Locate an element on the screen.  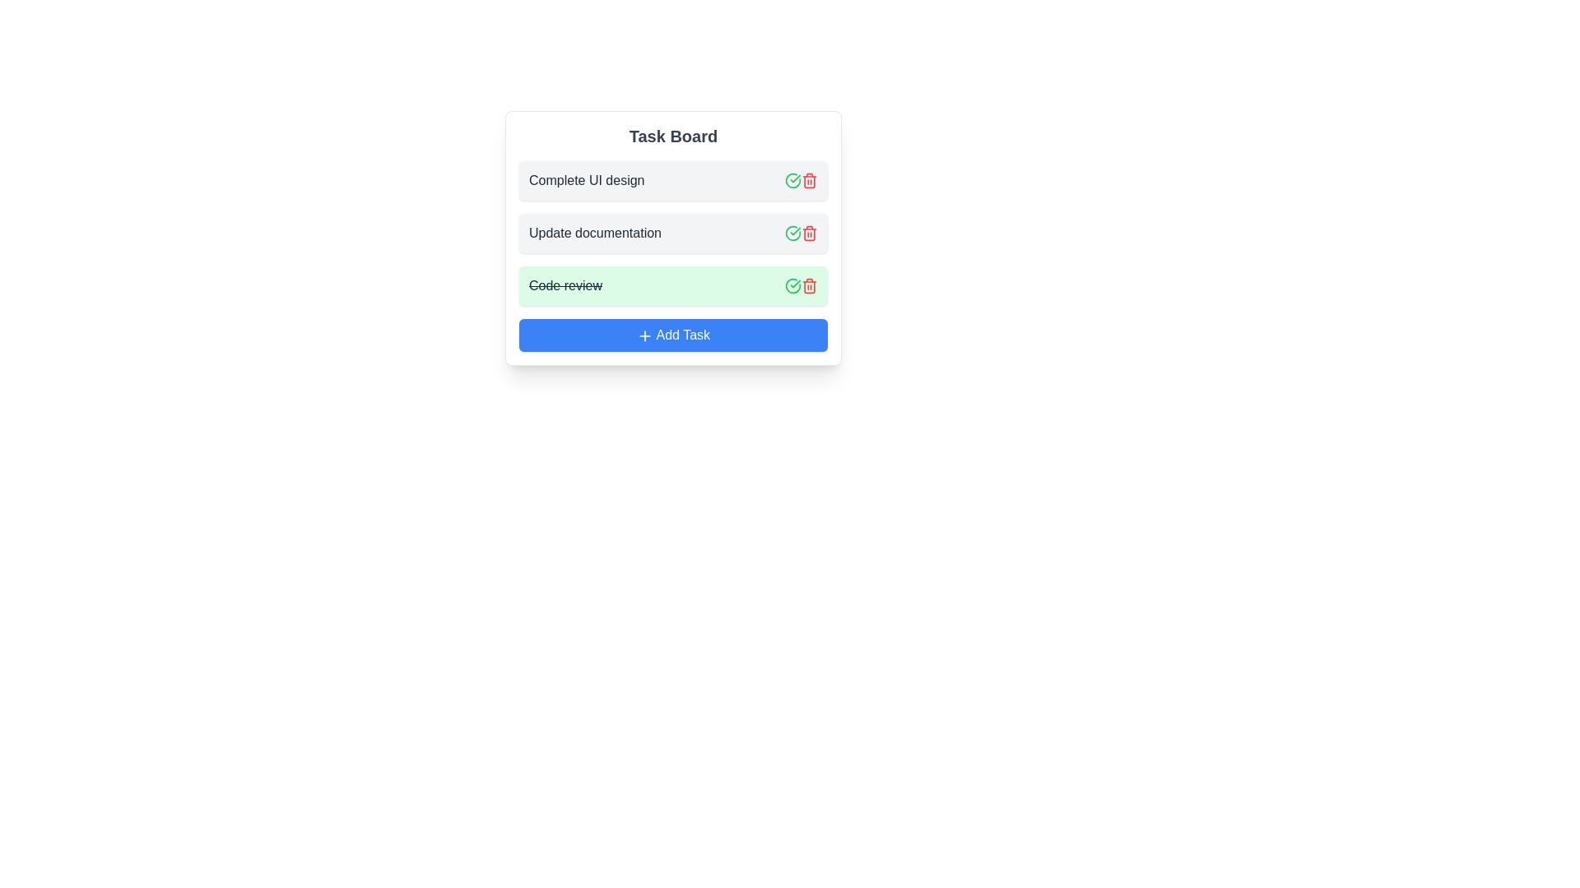
the central vertical red icon of the trash can located in the last row of the task list is located at coordinates (809, 285).